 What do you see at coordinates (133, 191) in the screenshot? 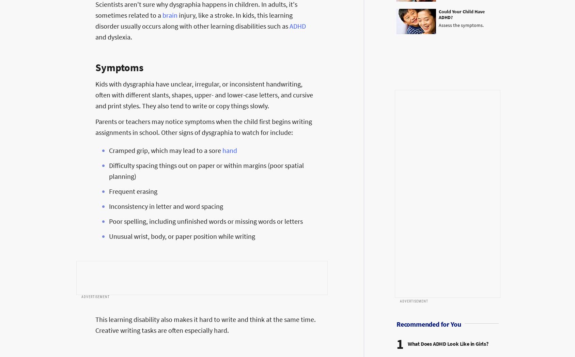
I see `'Frequent erasing'` at bounding box center [133, 191].